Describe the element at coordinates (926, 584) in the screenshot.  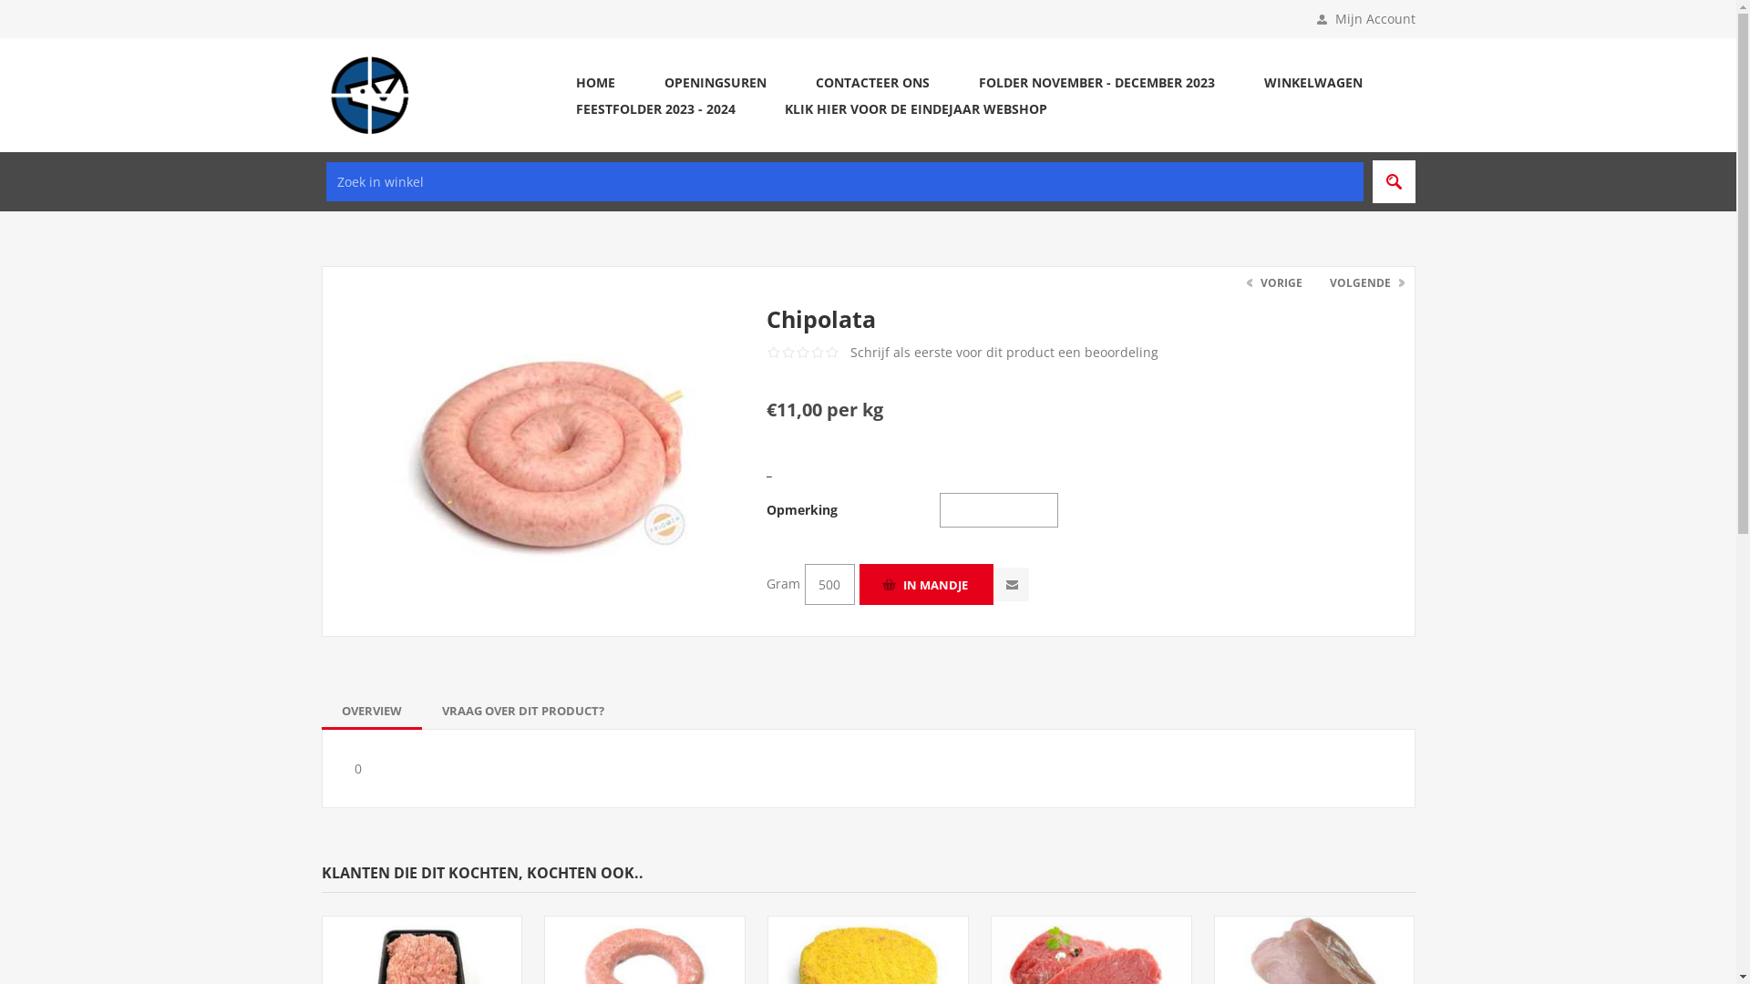
I see `'In mandje'` at that location.